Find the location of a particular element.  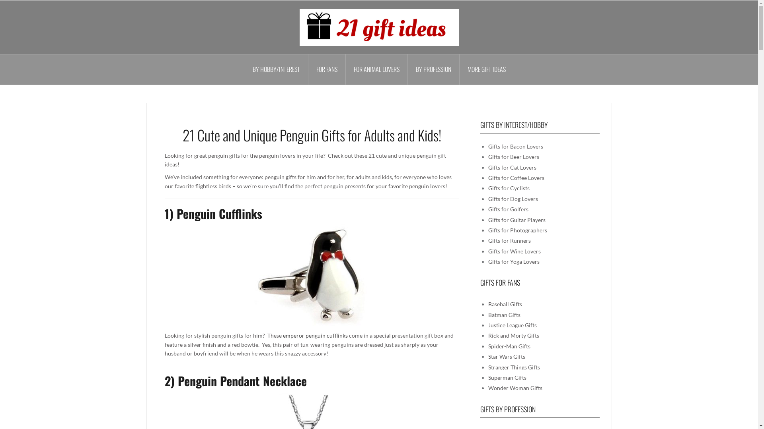

'Gifts for Coffee Lovers' is located at coordinates (516, 177).